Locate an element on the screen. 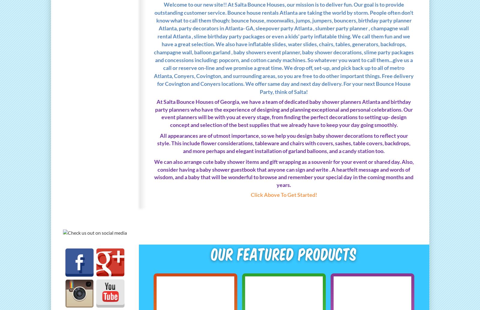 The image size is (480, 310). 'Click Above To Get Started!' is located at coordinates (283, 194).